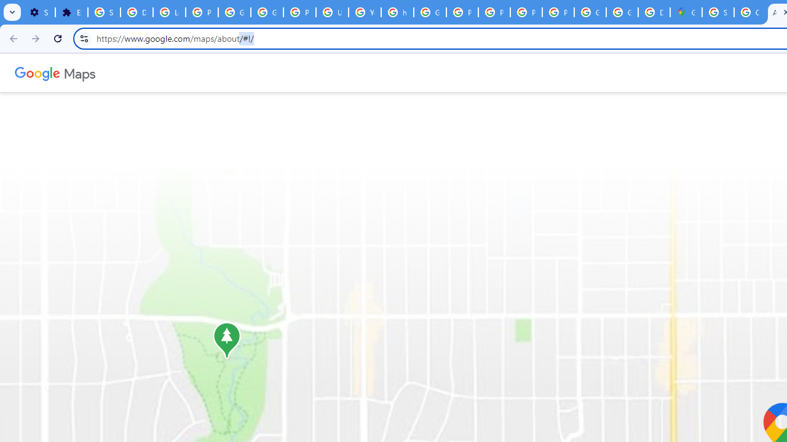 The image size is (787, 442). Describe the element at coordinates (234, 12) in the screenshot. I see `'Google Account Help'` at that location.